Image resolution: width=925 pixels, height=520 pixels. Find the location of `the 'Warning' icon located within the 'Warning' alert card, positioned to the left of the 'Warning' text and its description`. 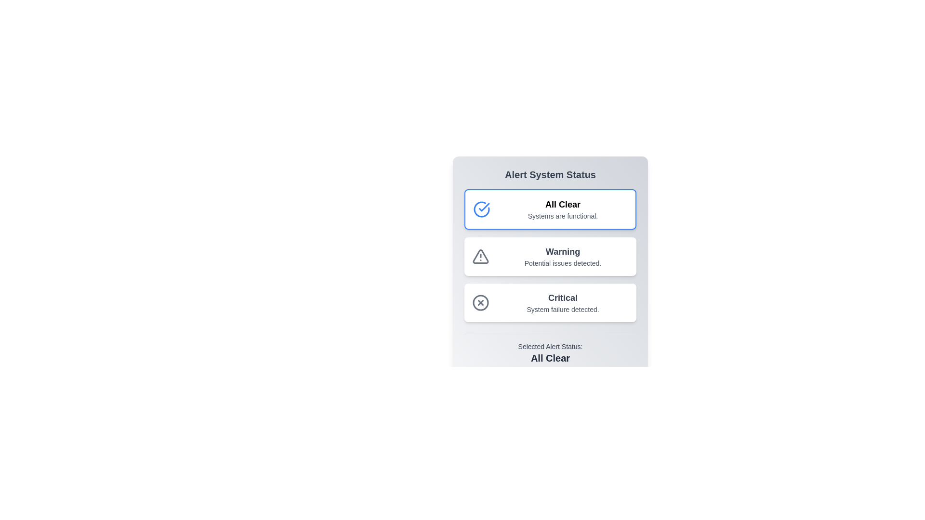

the 'Warning' icon located within the 'Warning' alert card, positioned to the left of the 'Warning' text and its description is located at coordinates (481, 256).